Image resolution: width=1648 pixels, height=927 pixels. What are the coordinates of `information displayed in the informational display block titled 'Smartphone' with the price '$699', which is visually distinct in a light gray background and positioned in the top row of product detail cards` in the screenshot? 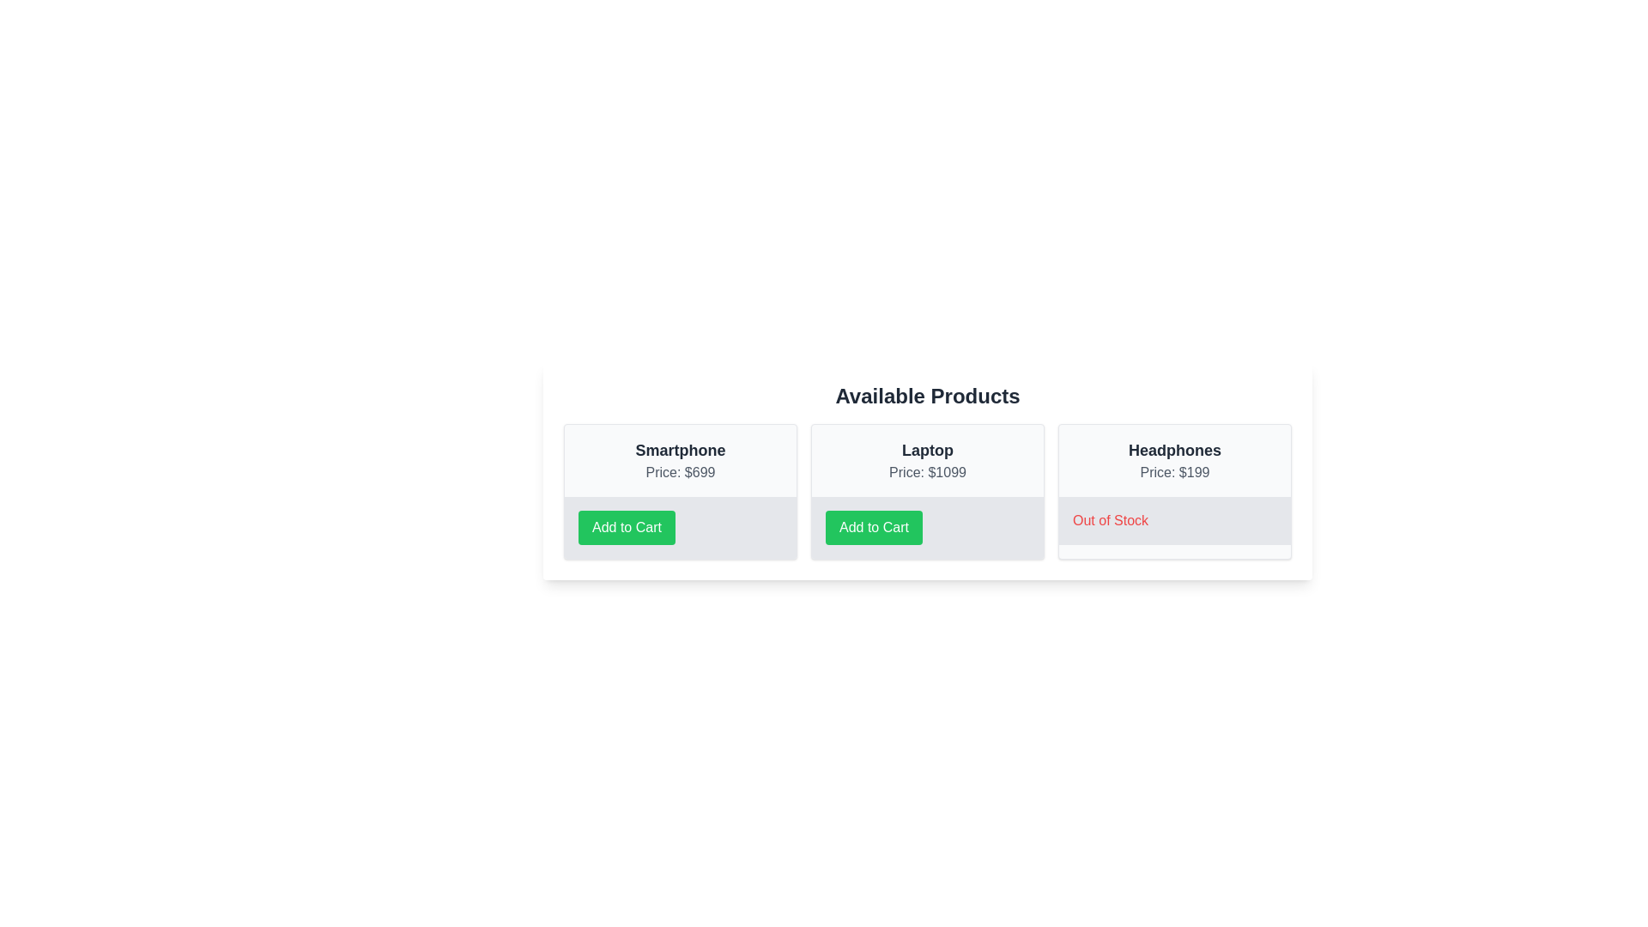 It's located at (679, 459).